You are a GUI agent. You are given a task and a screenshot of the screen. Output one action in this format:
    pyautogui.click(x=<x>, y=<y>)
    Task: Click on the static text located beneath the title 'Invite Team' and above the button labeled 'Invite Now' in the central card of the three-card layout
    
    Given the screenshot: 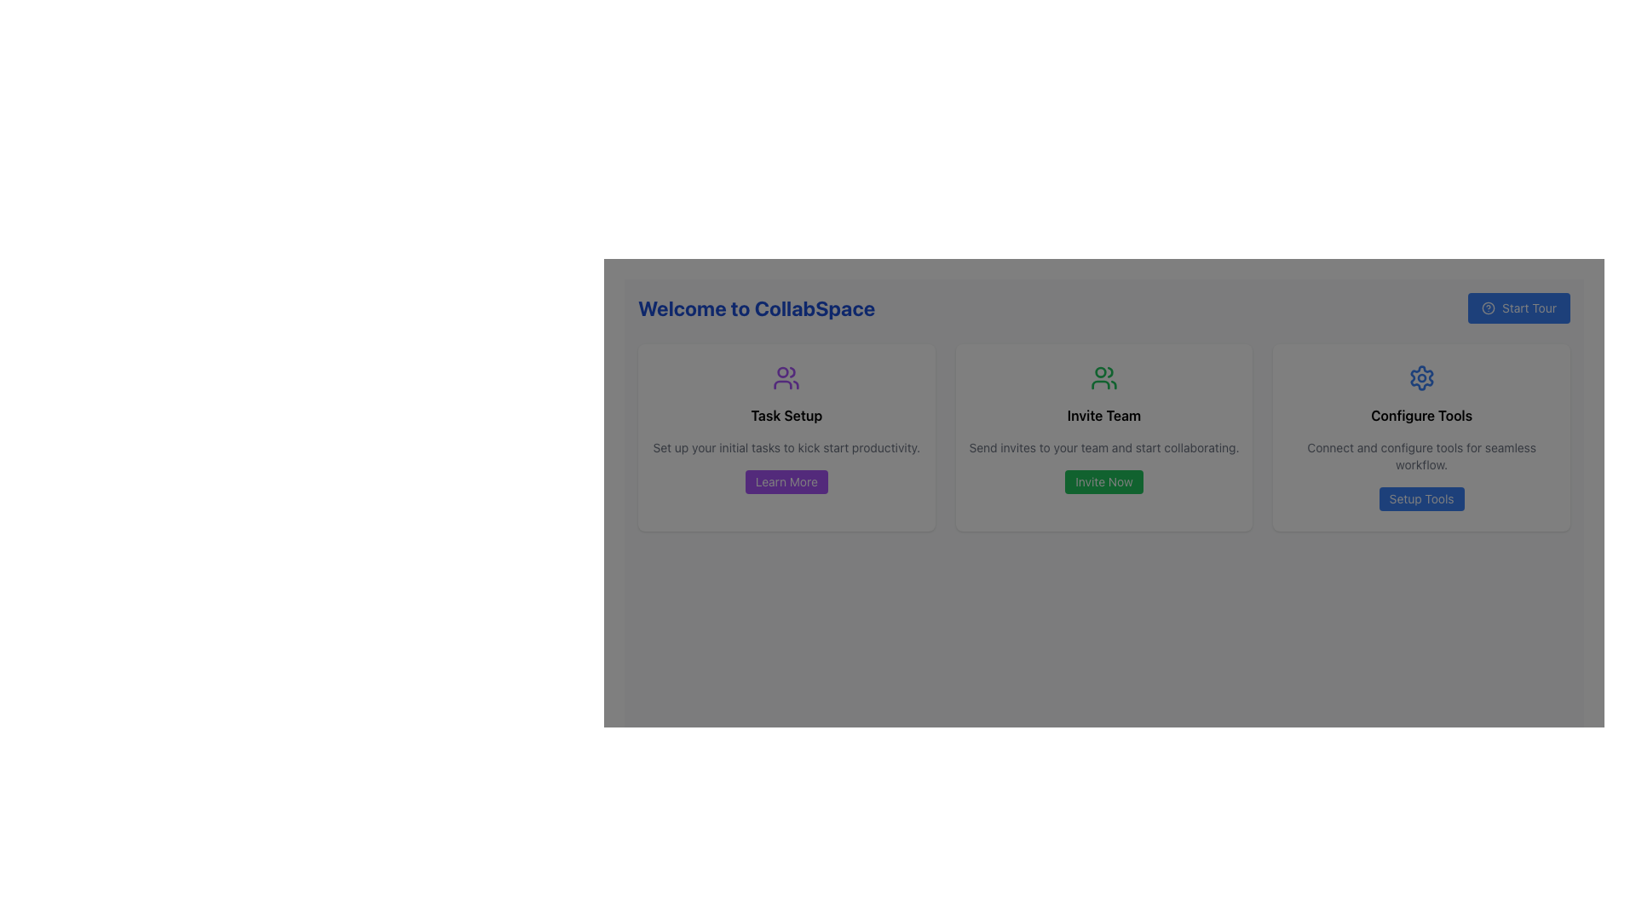 What is the action you would take?
    pyautogui.click(x=1104, y=446)
    